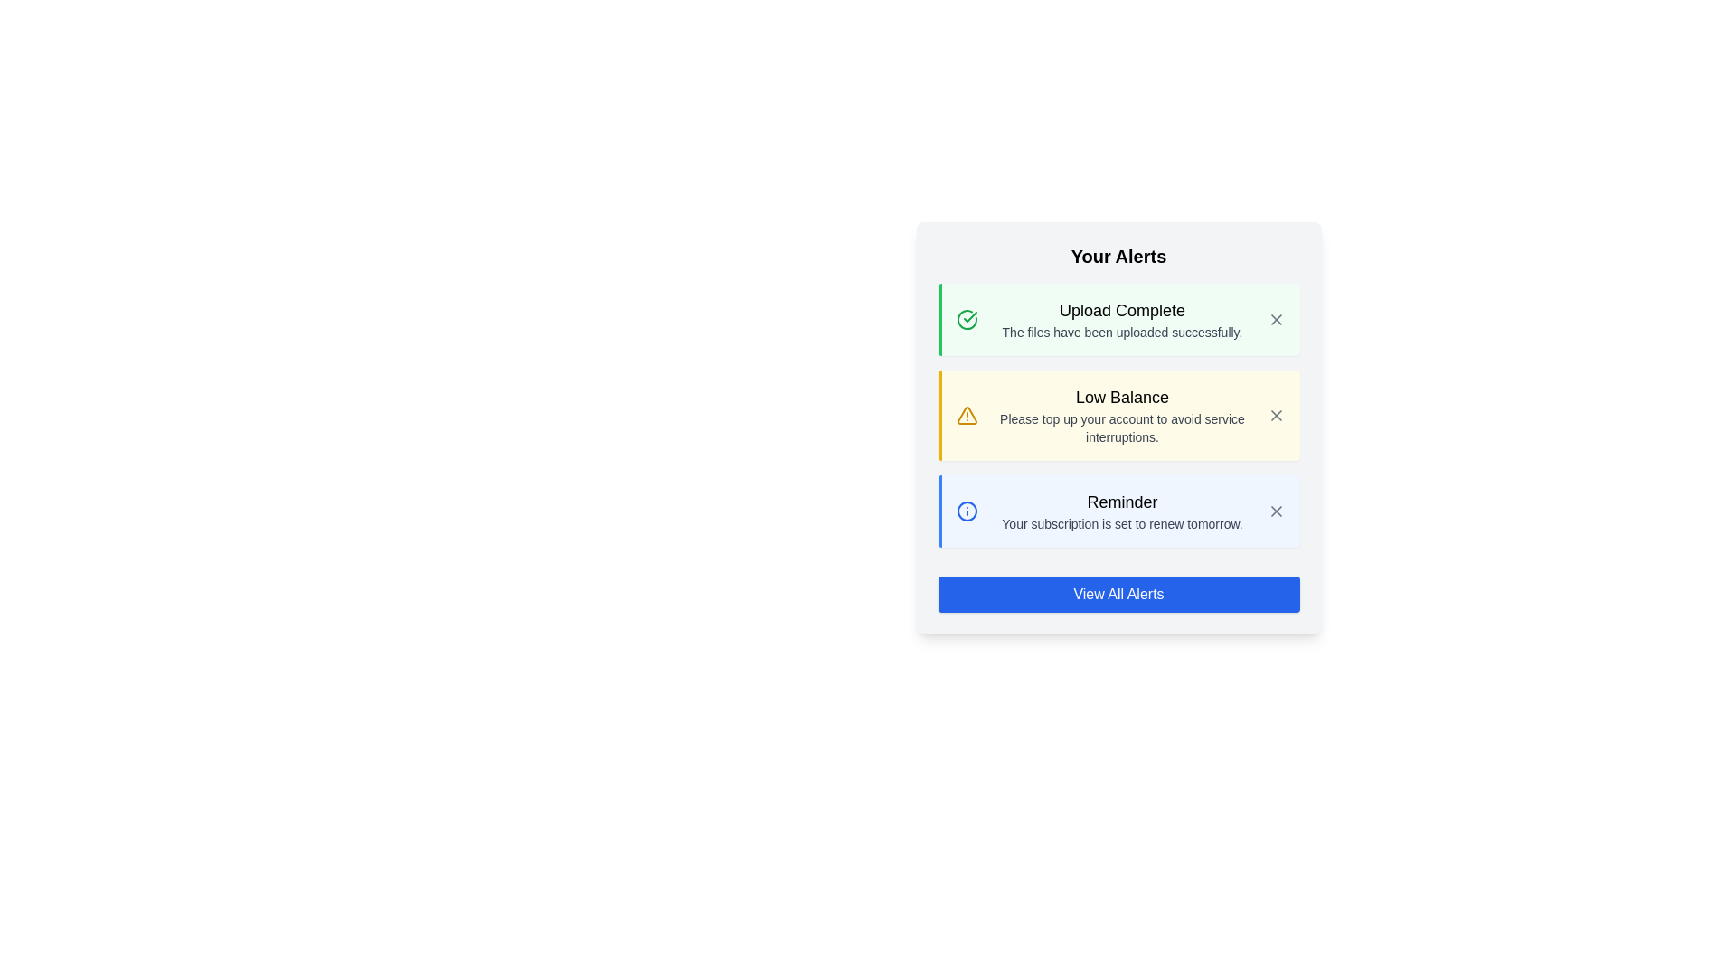  I want to click on the Text Display (Notification) that confirms successful file uploads, located below the 'Your Alerts' heading and above other alert notifications, so click(1121, 319).